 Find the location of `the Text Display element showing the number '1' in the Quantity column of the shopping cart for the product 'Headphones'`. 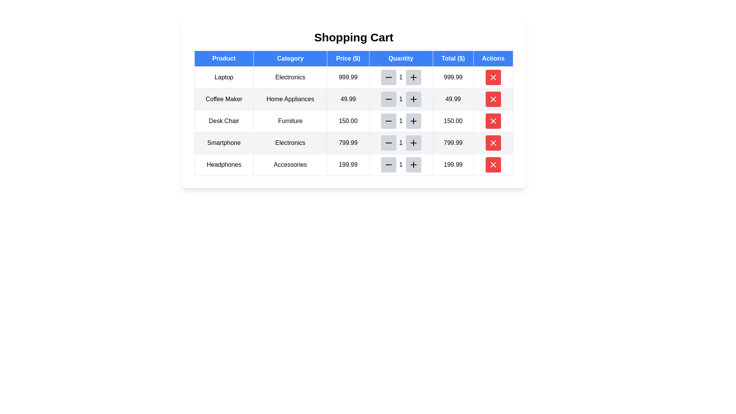

the Text Display element showing the number '1' in the Quantity column of the shopping cart for the product 'Headphones' is located at coordinates (401, 164).